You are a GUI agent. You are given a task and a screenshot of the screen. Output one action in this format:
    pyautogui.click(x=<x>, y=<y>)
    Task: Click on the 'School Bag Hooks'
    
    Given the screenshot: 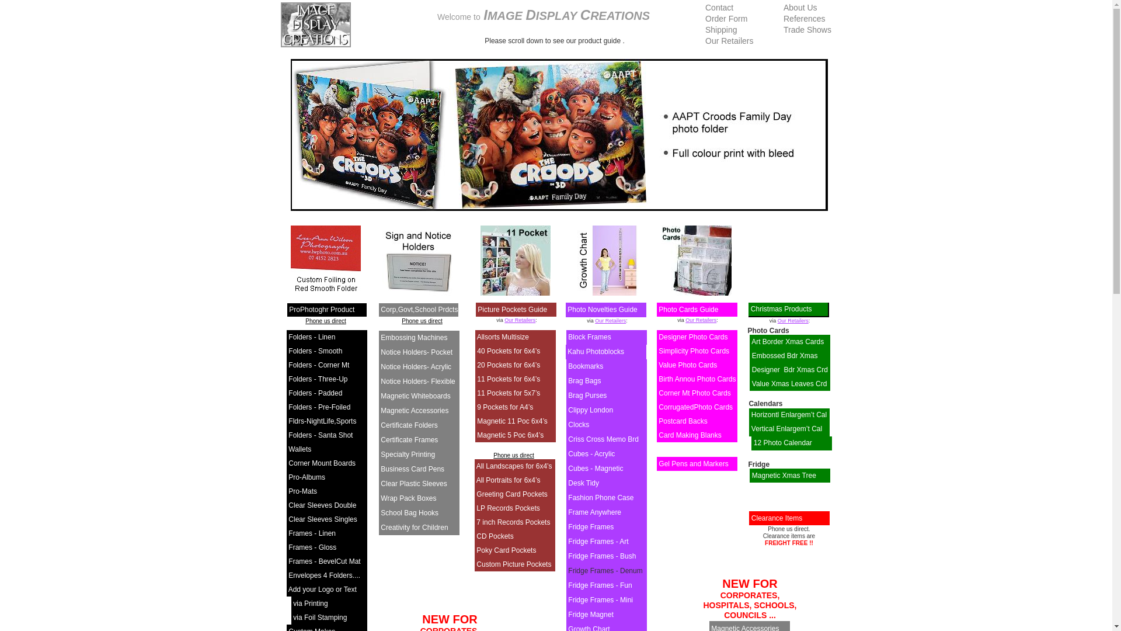 What is the action you would take?
    pyautogui.click(x=409, y=512)
    